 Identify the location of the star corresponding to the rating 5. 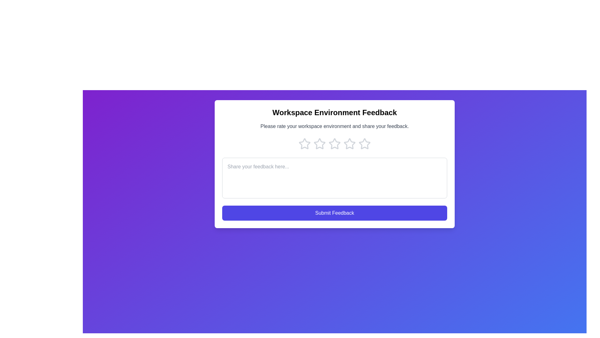
(364, 144).